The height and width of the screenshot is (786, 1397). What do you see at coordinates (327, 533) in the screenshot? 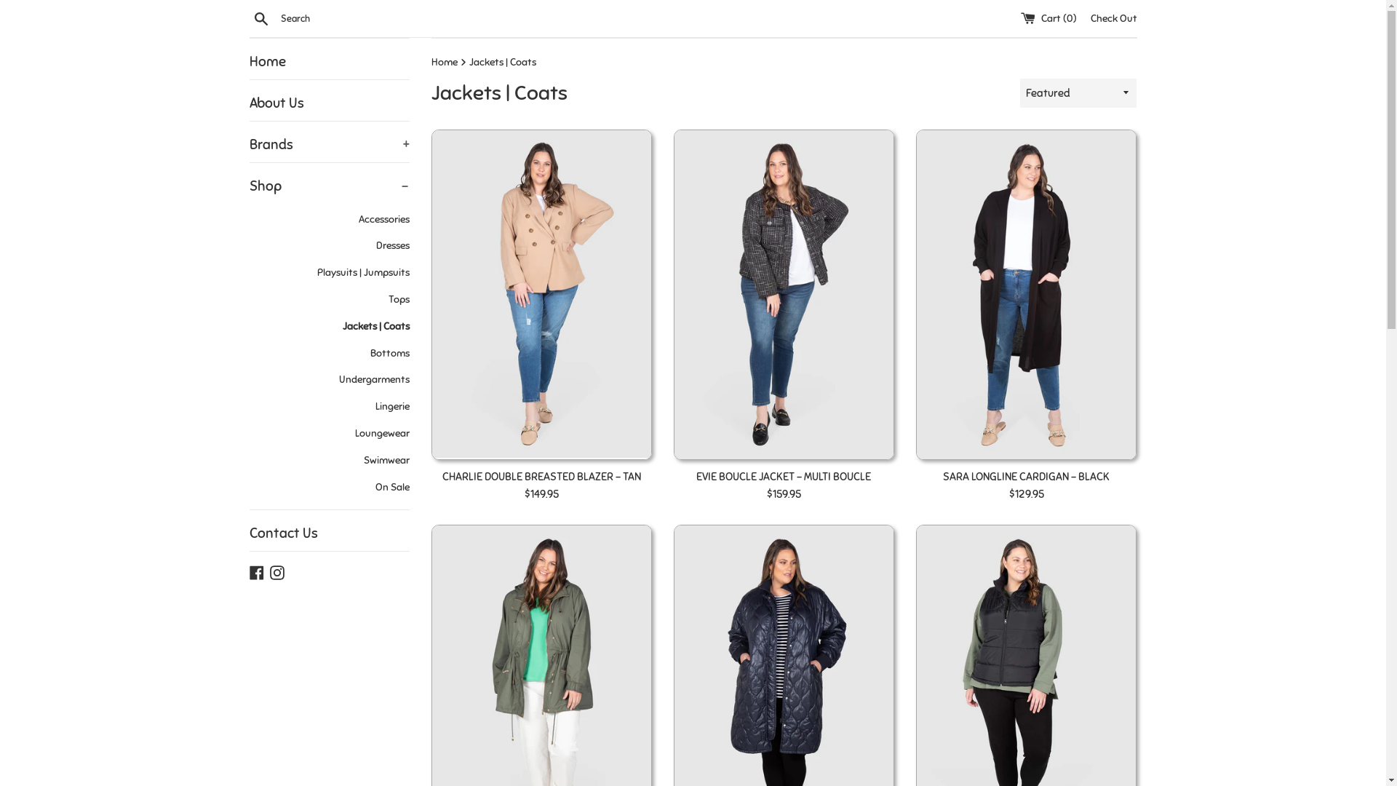
I see `'Contact Us'` at bounding box center [327, 533].